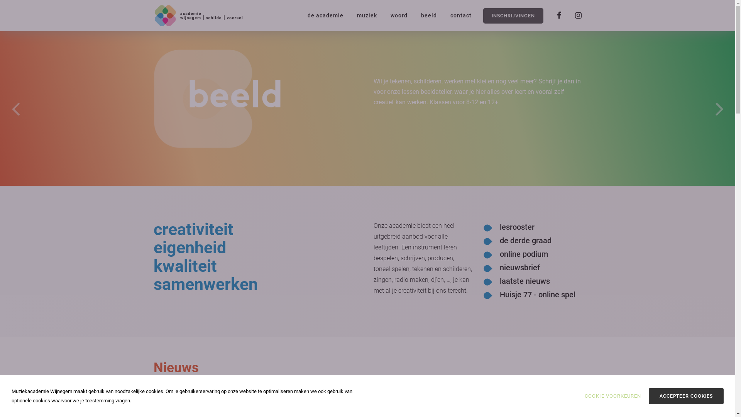 The width and height of the screenshot is (741, 417). What do you see at coordinates (525, 240) in the screenshot?
I see `'de derde graad'` at bounding box center [525, 240].